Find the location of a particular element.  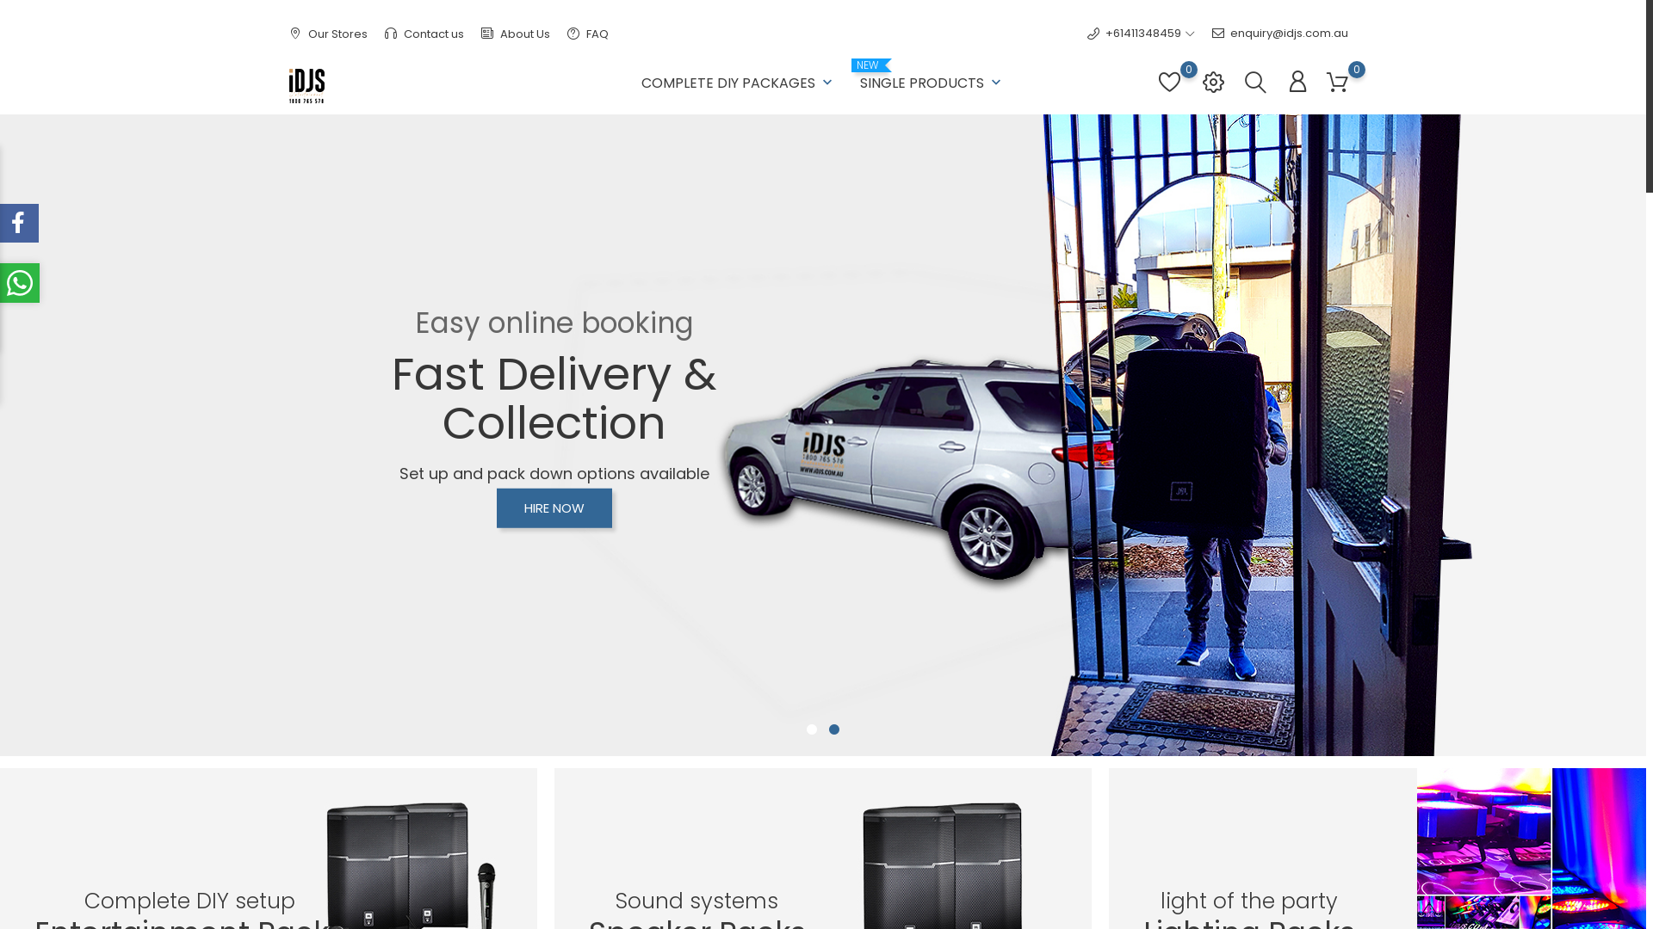

'Our Stores' is located at coordinates (328, 34).